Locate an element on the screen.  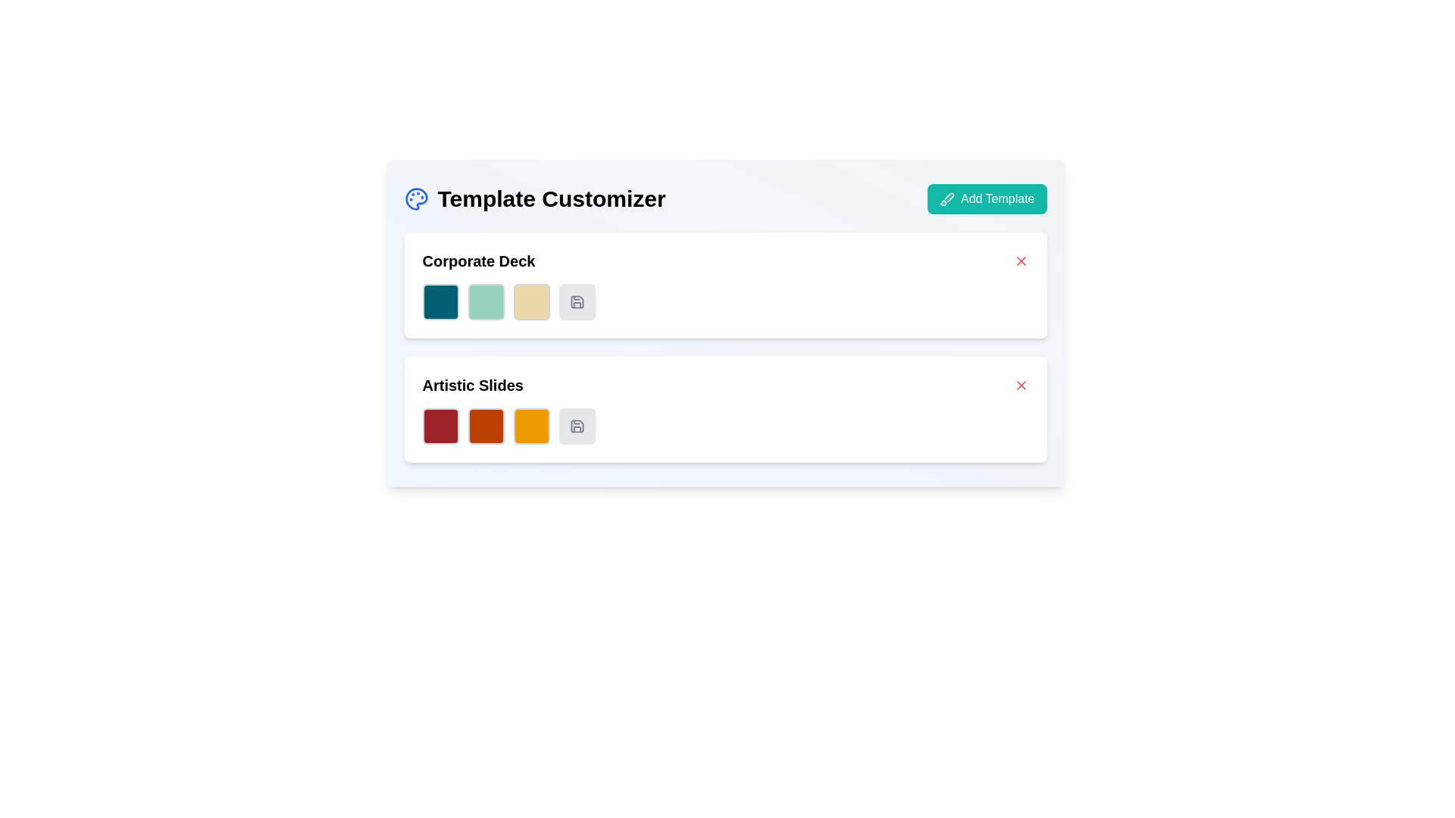
the small red 'X' icon located on the far right side of the 'Artistic Slides' section is located at coordinates (1021, 385).